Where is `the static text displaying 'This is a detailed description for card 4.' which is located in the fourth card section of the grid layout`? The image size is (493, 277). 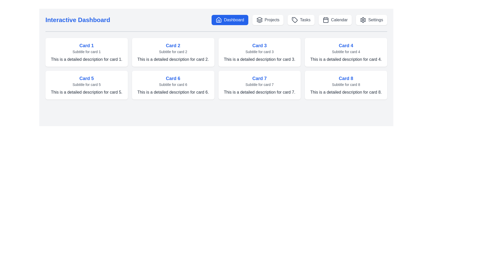 the static text displaying 'This is a detailed description for card 4.' which is located in the fourth card section of the grid layout is located at coordinates (346, 59).